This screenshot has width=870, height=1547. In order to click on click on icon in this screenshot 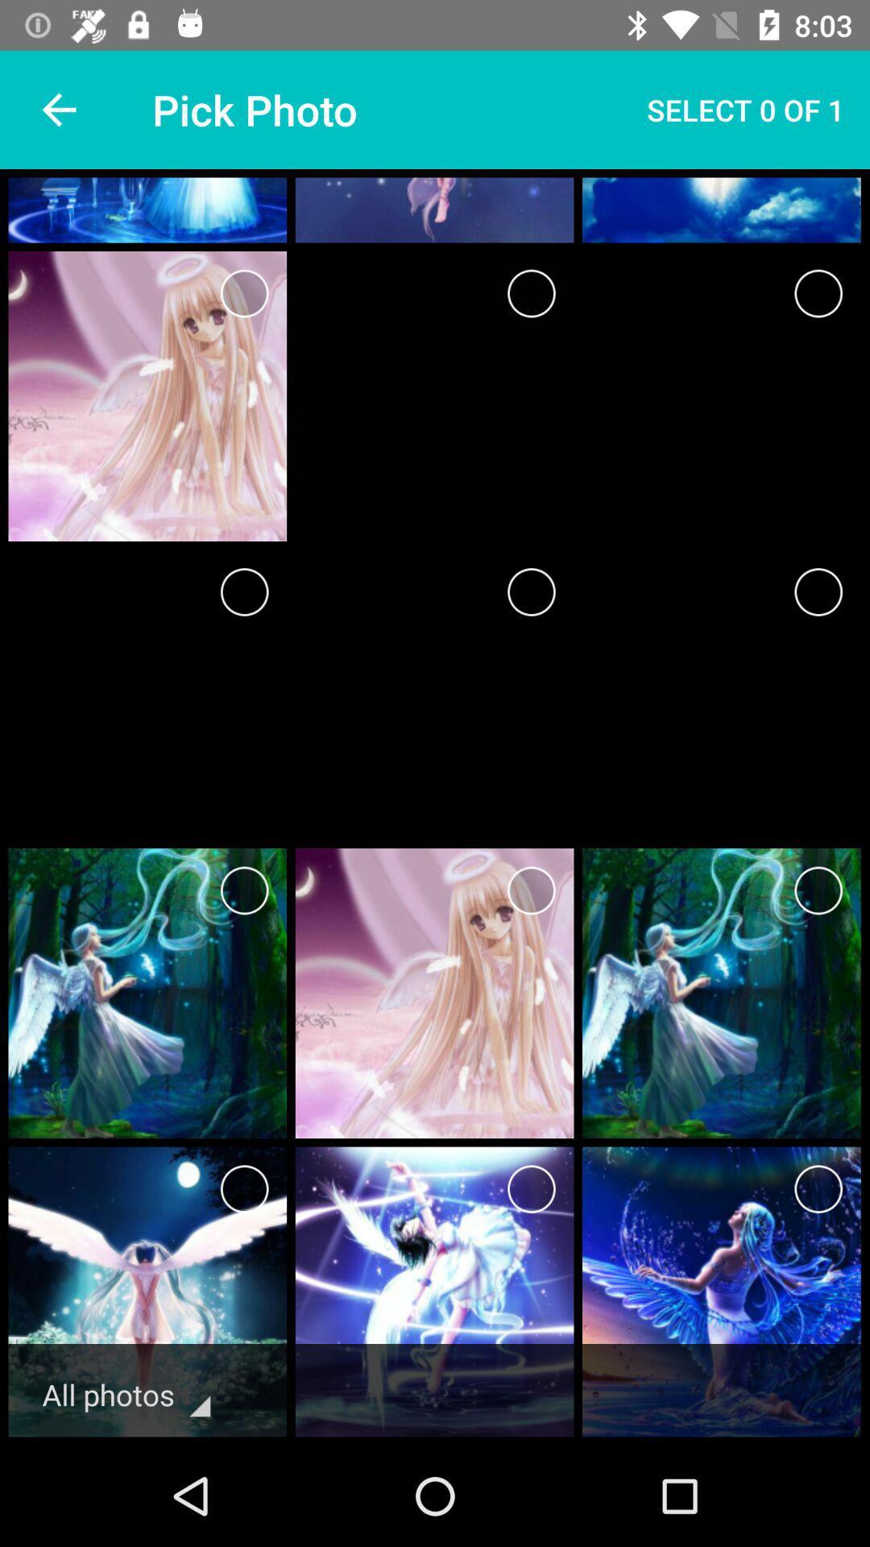, I will do `click(818, 1189)`.